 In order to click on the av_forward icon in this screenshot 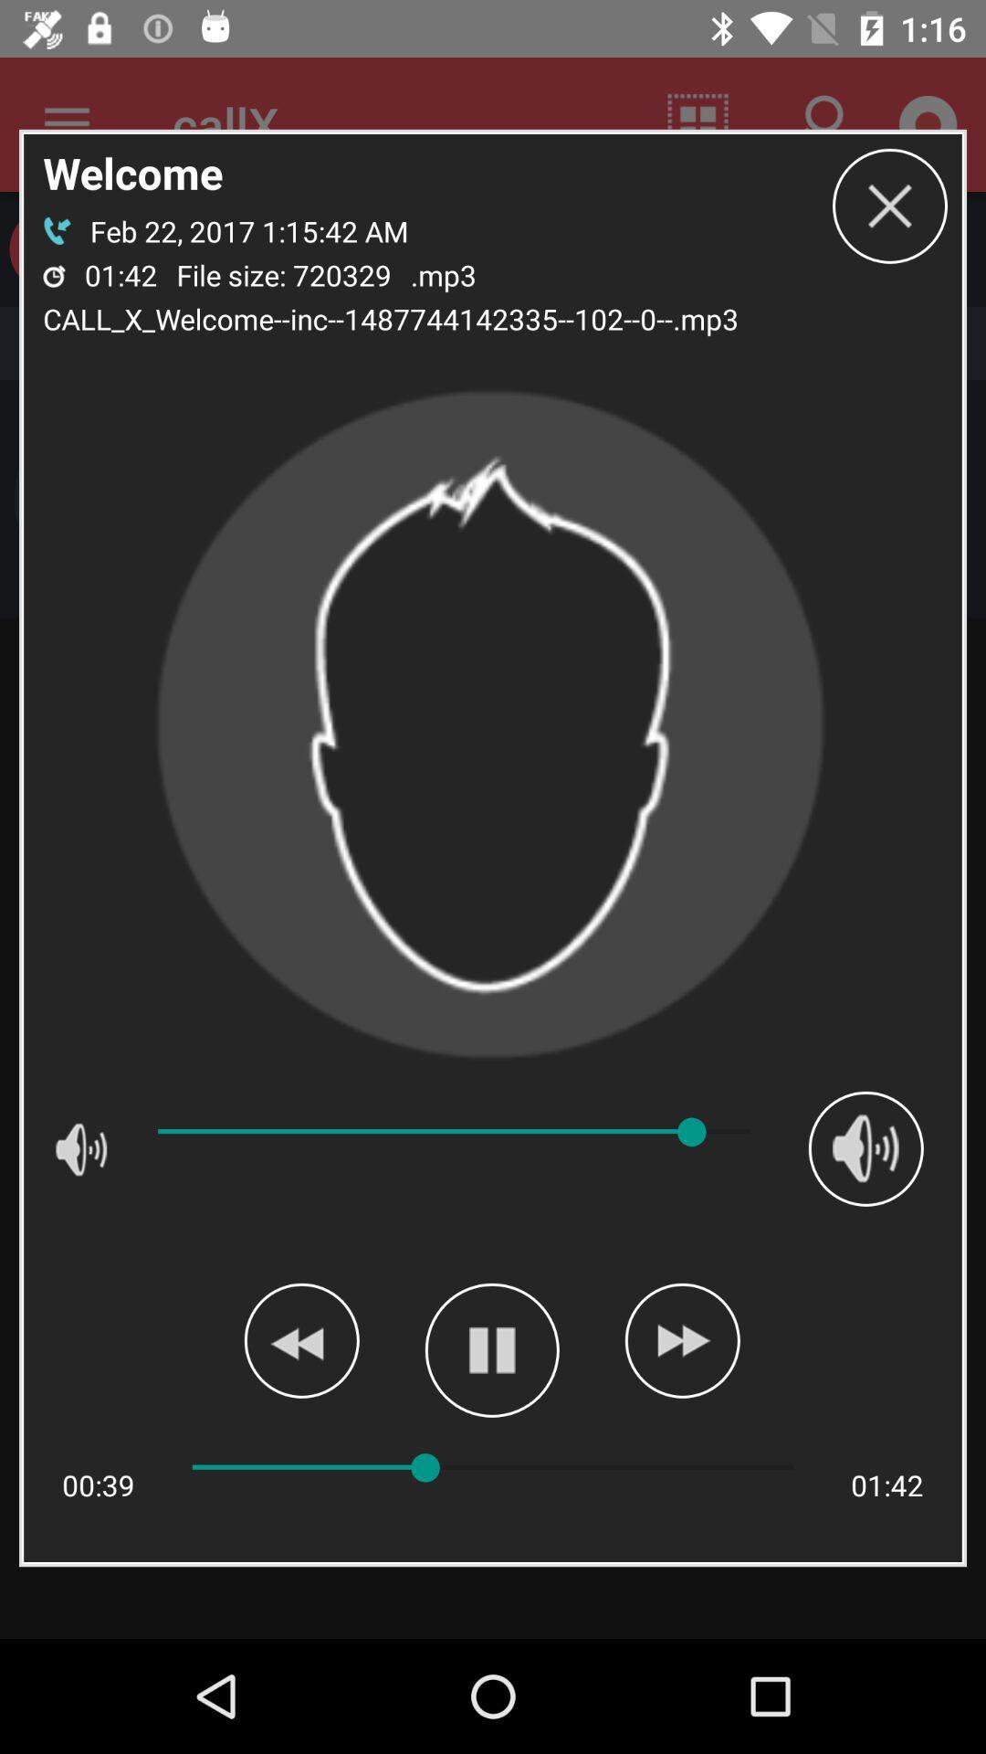, I will do `click(682, 1340)`.